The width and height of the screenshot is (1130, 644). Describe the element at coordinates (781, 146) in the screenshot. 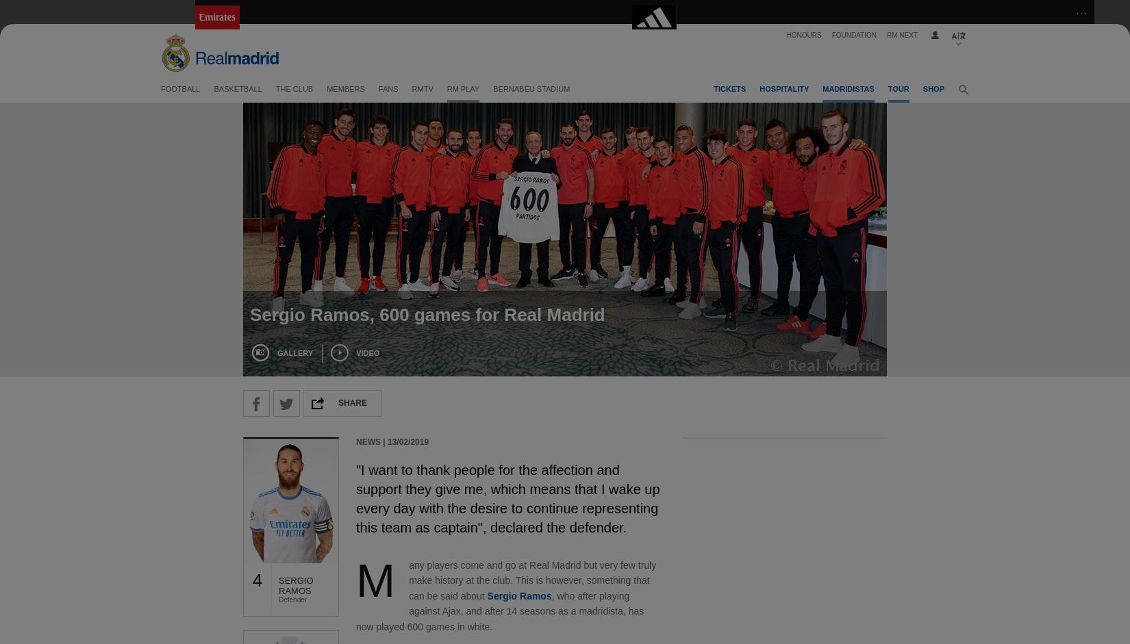

I see `'Official Kits 23/24'` at that location.